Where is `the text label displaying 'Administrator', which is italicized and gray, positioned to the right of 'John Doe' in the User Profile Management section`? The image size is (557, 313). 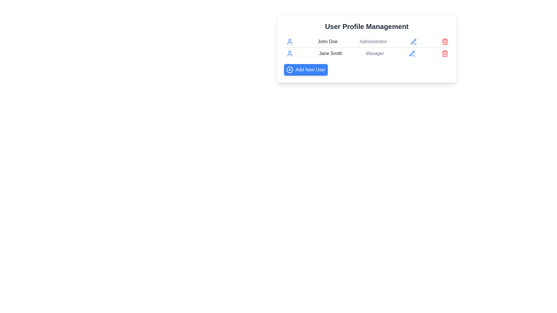 the text label displaying 'Administrator', which is italicized and gray, positioned to the right of 'John Doe' in the User Profile Management section is located at coordinates (373, 41).